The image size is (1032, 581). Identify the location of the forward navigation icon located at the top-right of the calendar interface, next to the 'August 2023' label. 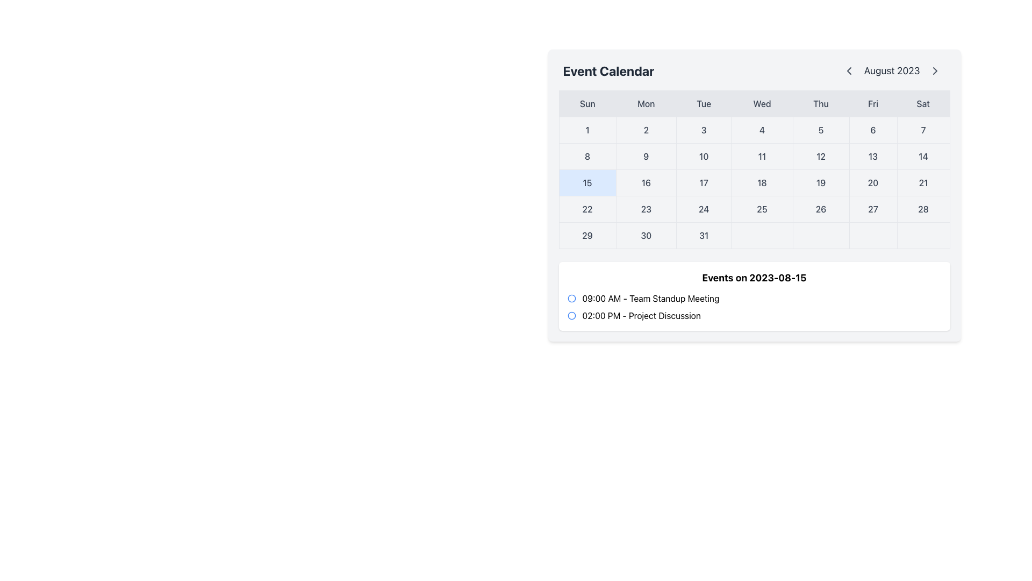
(934, 70).